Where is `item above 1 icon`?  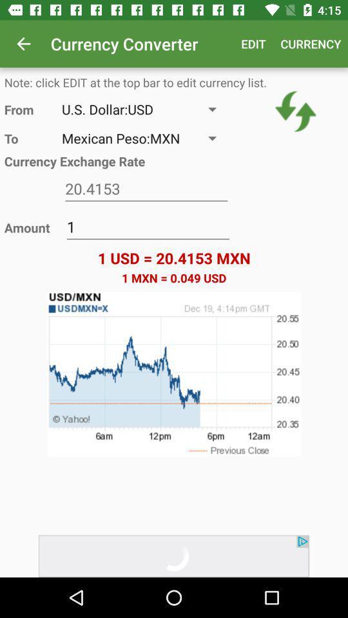
item above 1 icon is located at coordinates (146, 188).